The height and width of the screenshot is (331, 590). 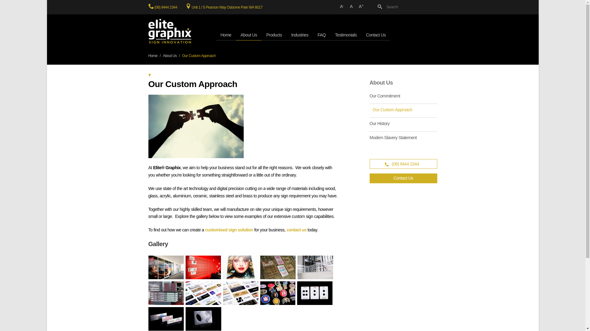 What do you see at coordinates (403, 164) in the screenshot?
I see `'(08) 9444 2344'` at bounding box center [403, 164].